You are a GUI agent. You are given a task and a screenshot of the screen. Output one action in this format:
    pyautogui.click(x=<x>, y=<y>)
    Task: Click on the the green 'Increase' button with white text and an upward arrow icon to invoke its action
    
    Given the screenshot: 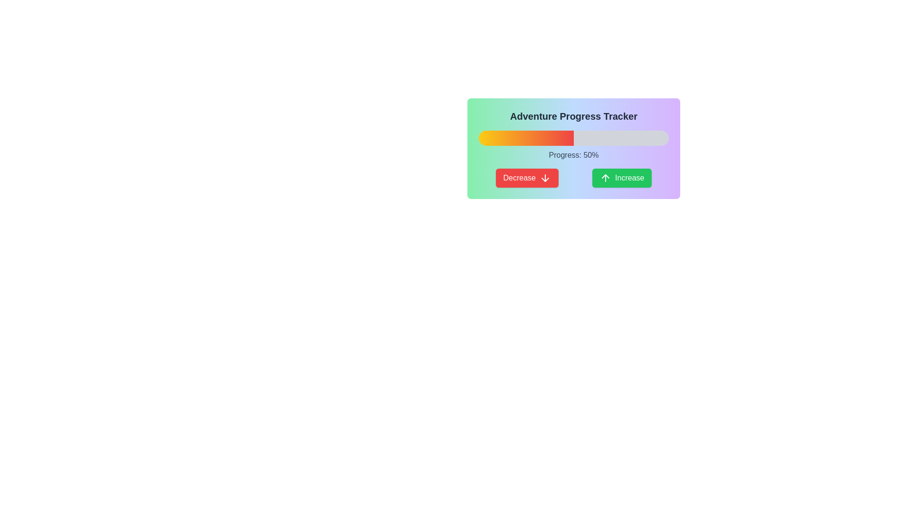 What is the action you would take?
    pyautogui.click(x=622, y=178)
    